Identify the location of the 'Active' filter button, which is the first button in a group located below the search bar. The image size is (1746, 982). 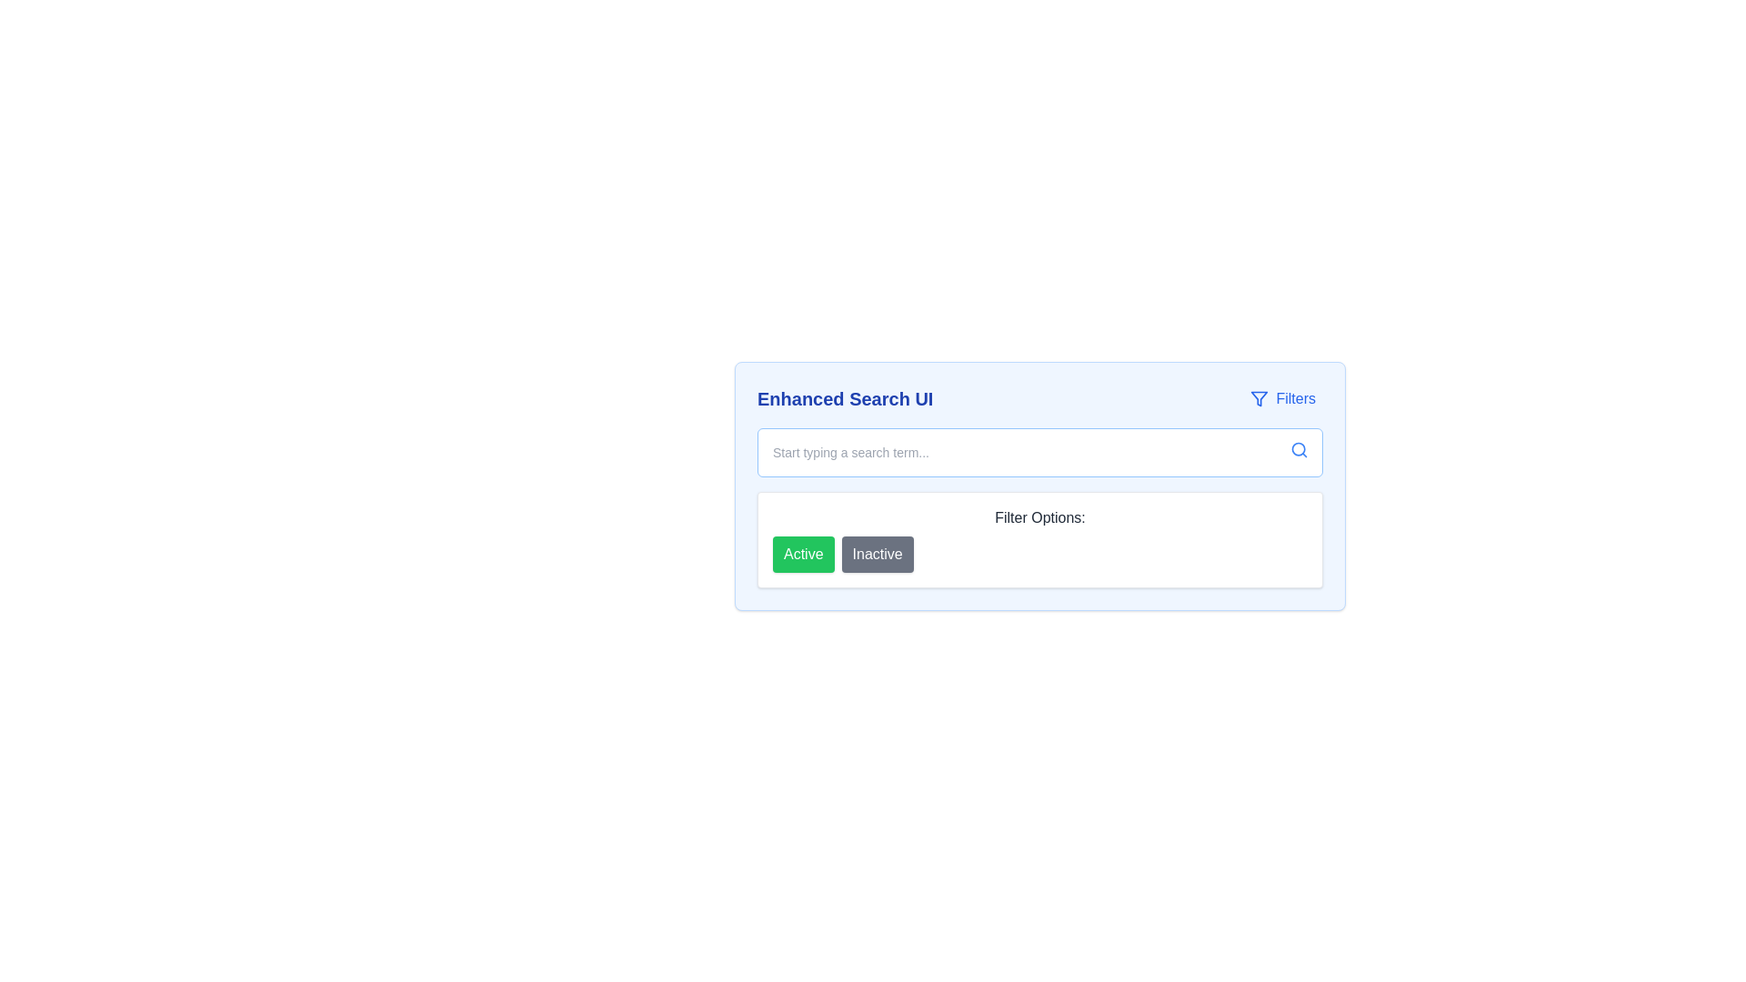
(802, 553).